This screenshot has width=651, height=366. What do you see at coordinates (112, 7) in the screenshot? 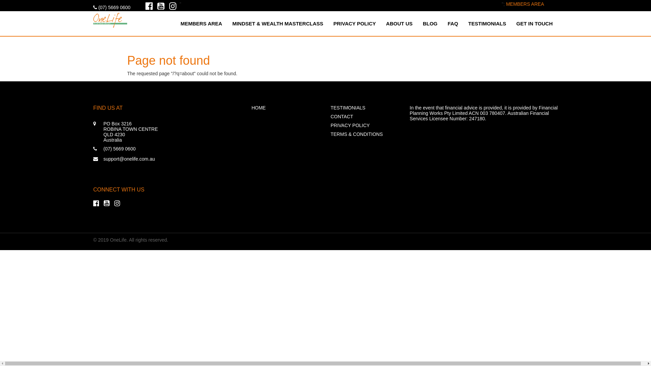
I see `'(07) 5669 0600'` at bounding box center [112, 7].